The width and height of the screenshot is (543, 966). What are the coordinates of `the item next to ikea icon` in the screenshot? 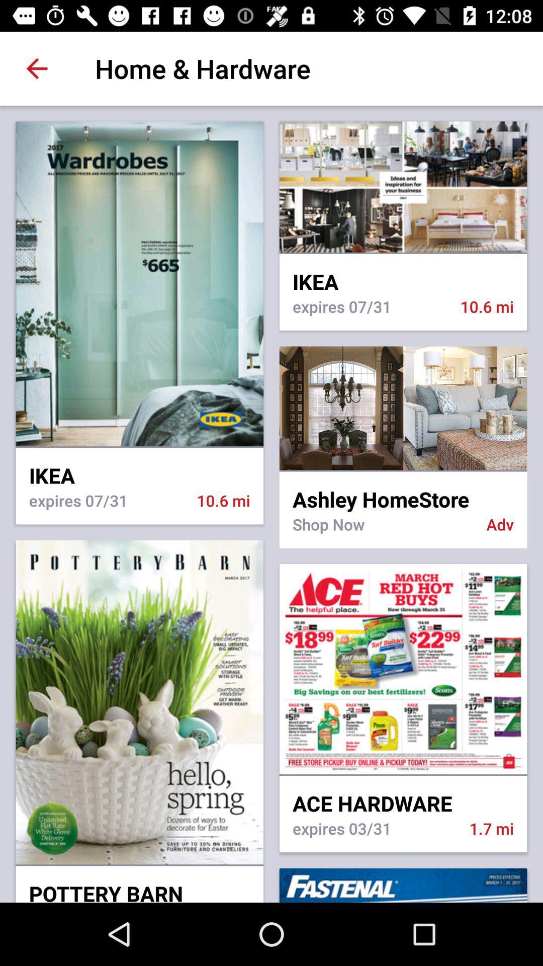 It's located at (403, 470).